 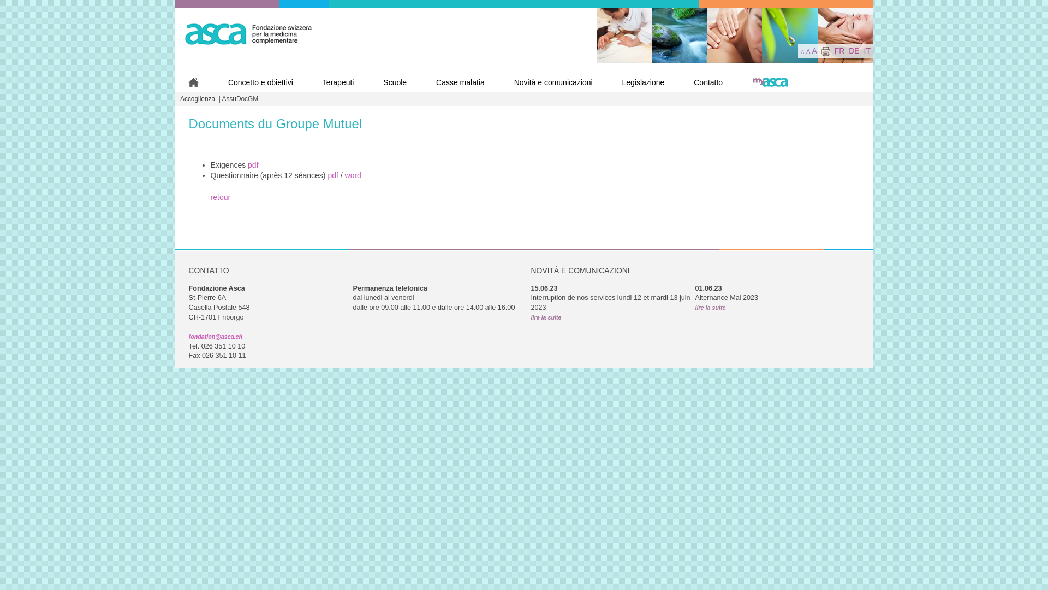 What do you see at coordinates (802, 52) in the screenshot?
I see `'A'` at bounding box center [802, 52].